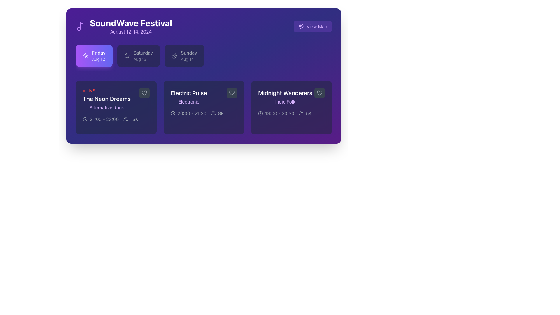 The image size is (560, 315). What do you see at coordinates (134, 119) in the screenshot?
I see `the text label displaying '15K' in light gray font, located on the bottom right of the purple-themed card representing a musical event` at bounding box center [134, 119].